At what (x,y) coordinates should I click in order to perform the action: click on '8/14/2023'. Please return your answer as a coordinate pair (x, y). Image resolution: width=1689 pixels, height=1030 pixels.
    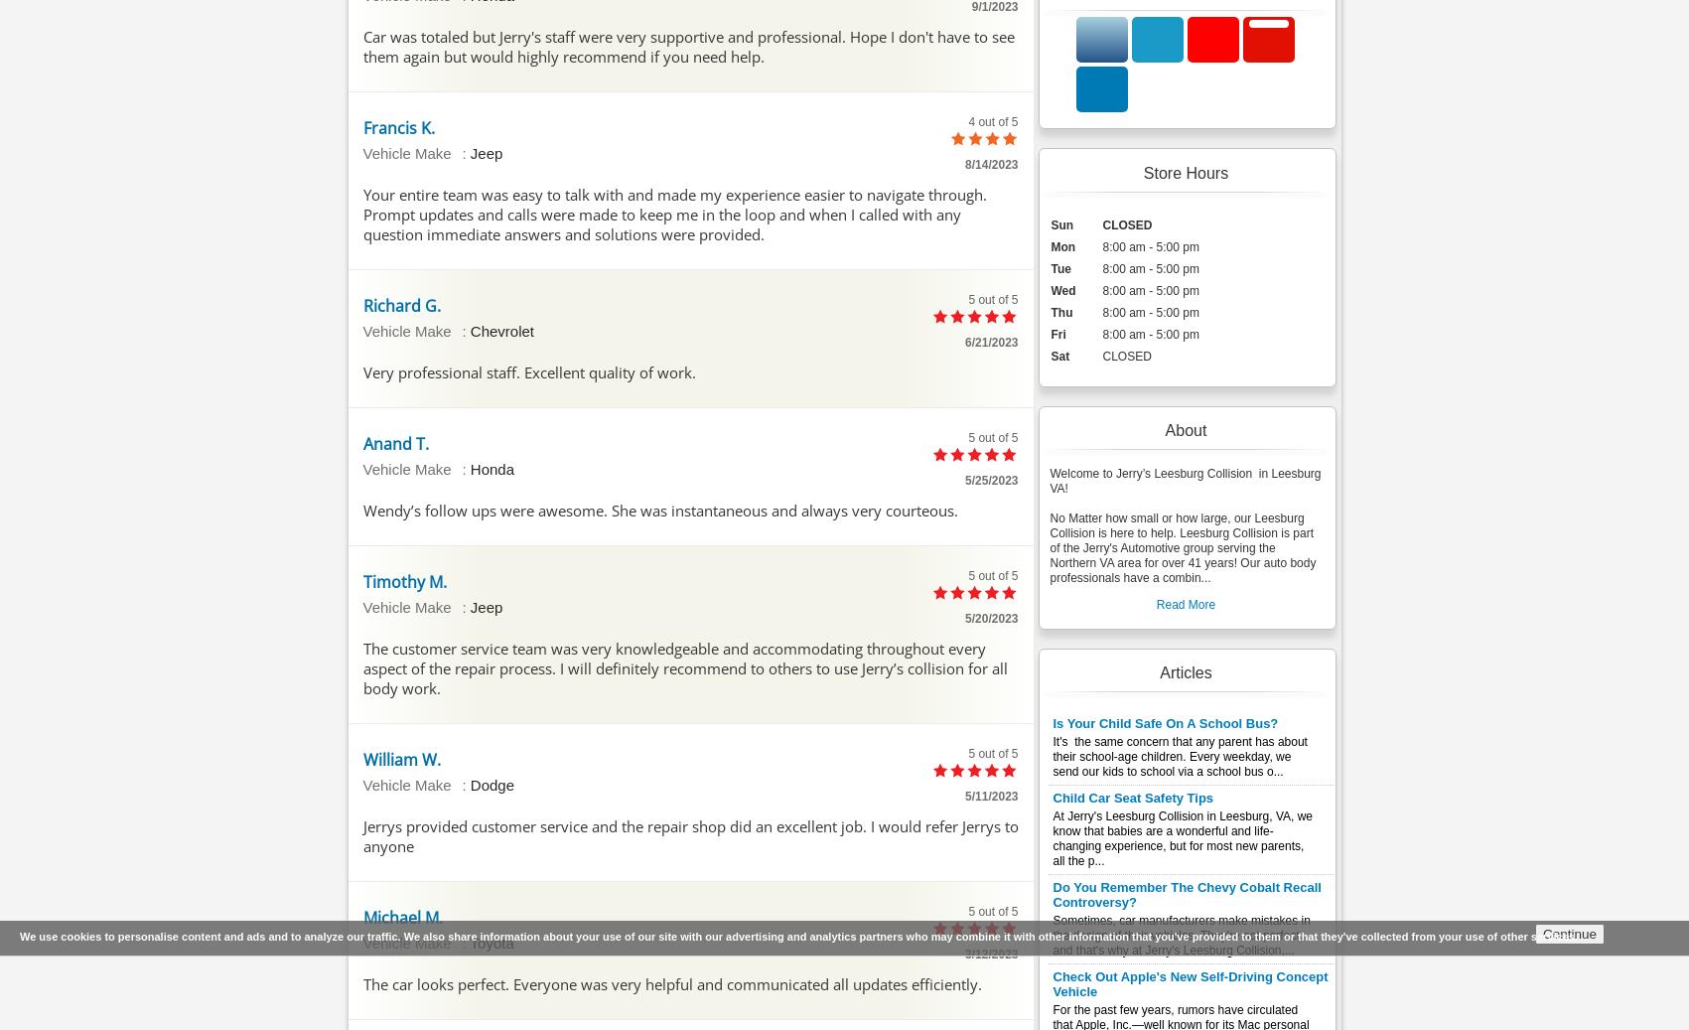
    Looking at the image, I should click on (963, 162).